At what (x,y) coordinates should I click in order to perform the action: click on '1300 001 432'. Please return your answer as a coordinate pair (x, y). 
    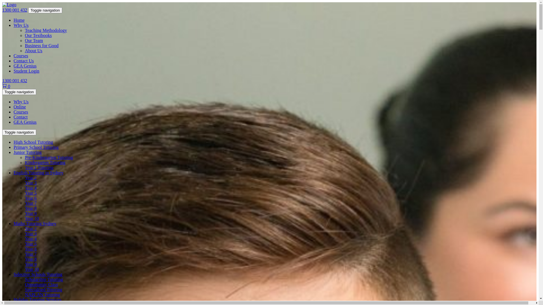
    Looking at the image, I should click on (15, 10).